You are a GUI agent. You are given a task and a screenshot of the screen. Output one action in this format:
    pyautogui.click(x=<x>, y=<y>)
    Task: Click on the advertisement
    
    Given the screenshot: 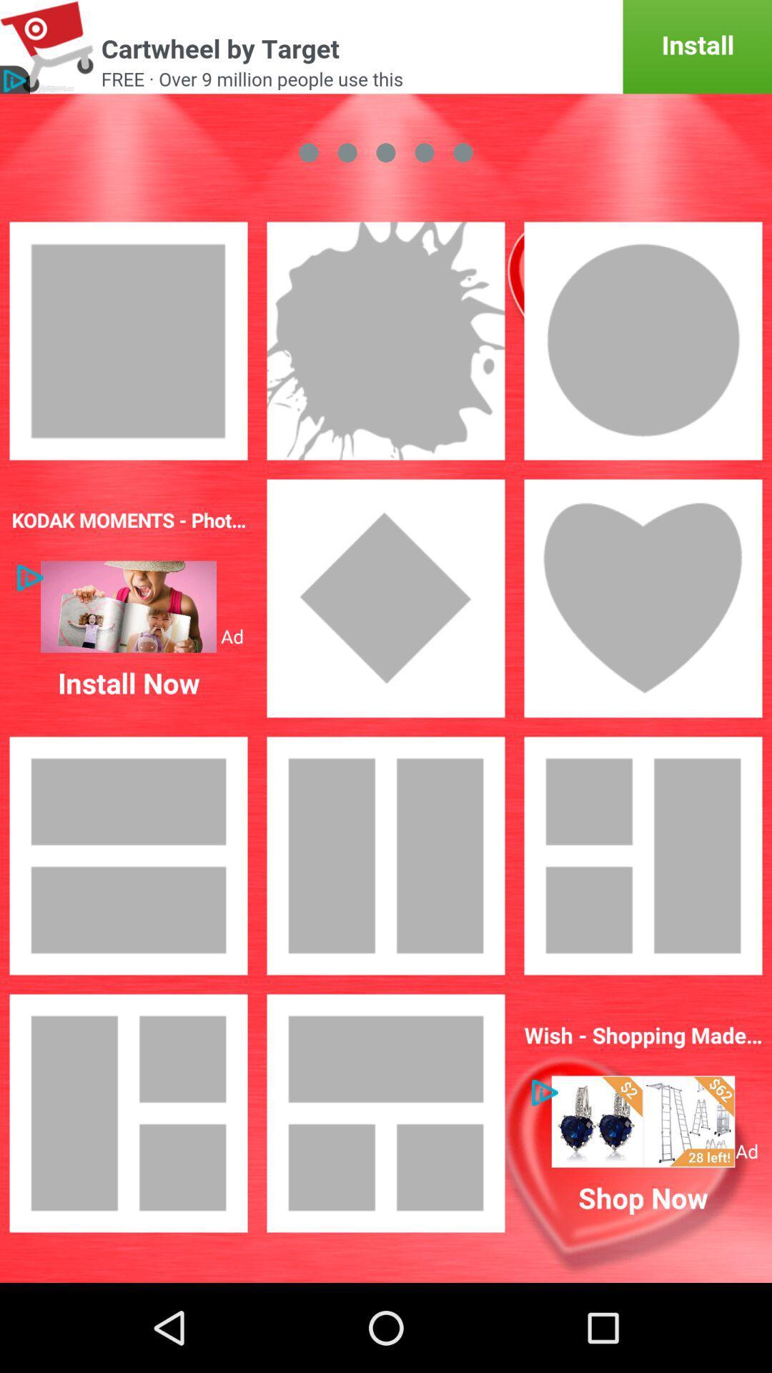 What is the action you would take?
    pyautogui.click(x=386, y=46)
    